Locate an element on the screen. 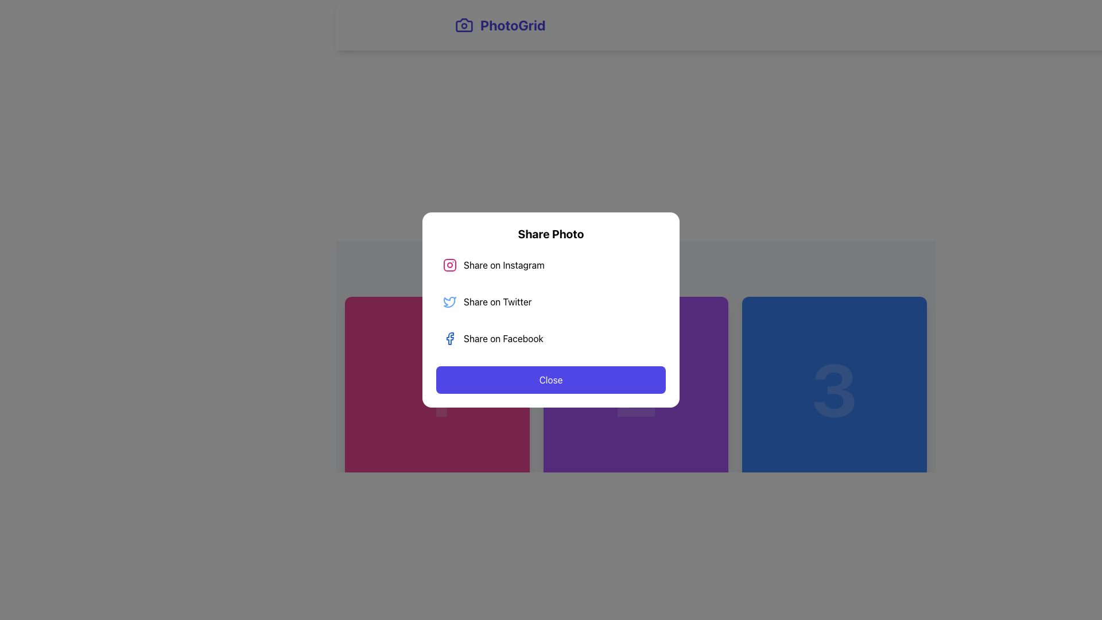  the blue Facebook icon, which is the third icon in a vertical list of share options within a modal window, located to the left of the 'Share on Facebook' text is located at coordinates (449, 338).